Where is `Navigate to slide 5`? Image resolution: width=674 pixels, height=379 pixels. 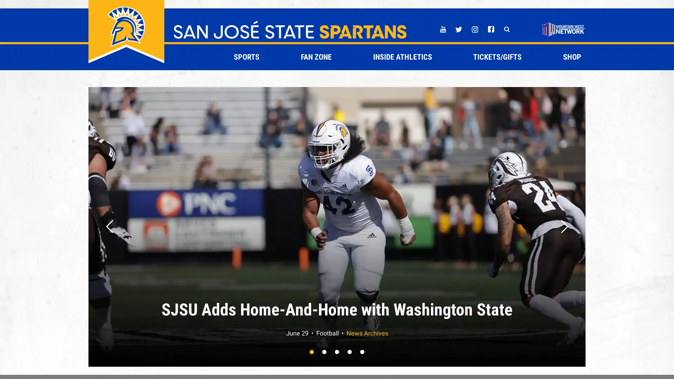
Navigate to slide 5 is located at coordinates (362, 352).